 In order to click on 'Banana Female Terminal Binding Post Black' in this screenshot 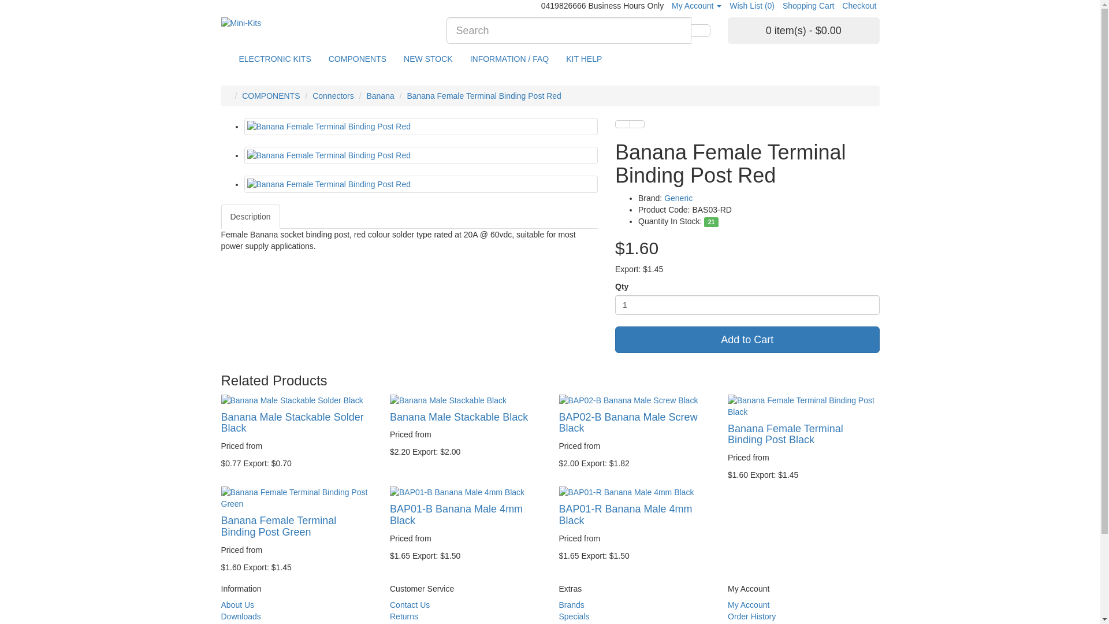, I will do `click(803, 405)`.